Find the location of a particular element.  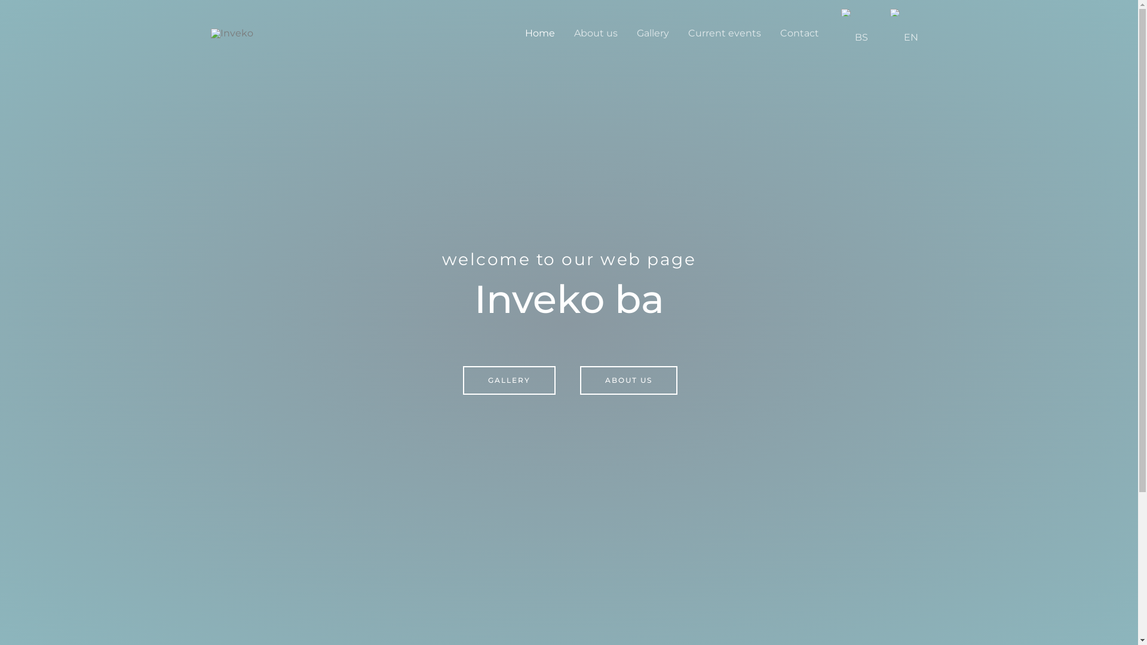

'BS' is located at coordinates (827, 32).